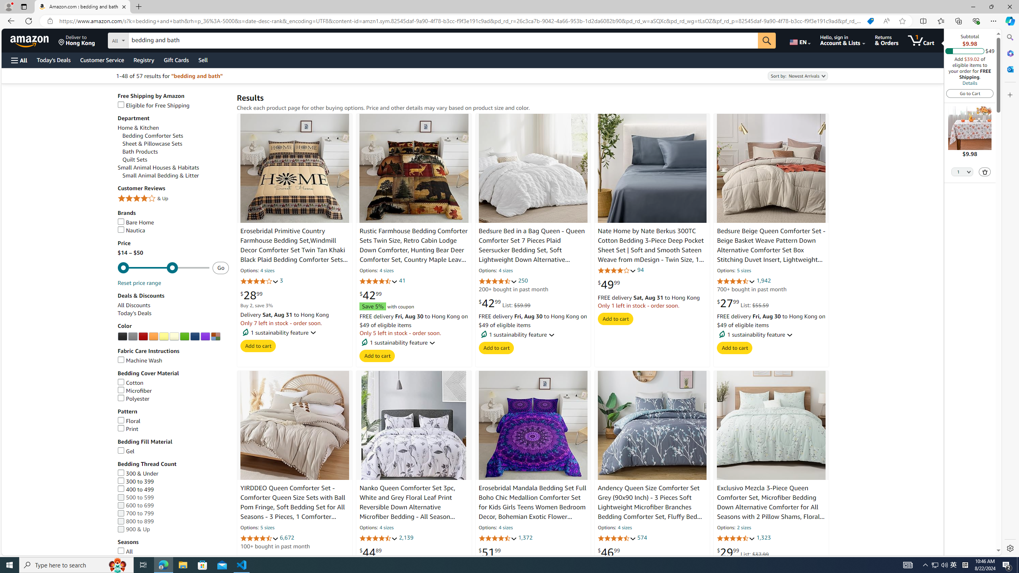 The height and width of the screenshot is (573, 1019). What do you see at coordinates (173, 199) in the screenshot?
I see `'4 Stars & Up& Up'` at bounding box center [173, 199].